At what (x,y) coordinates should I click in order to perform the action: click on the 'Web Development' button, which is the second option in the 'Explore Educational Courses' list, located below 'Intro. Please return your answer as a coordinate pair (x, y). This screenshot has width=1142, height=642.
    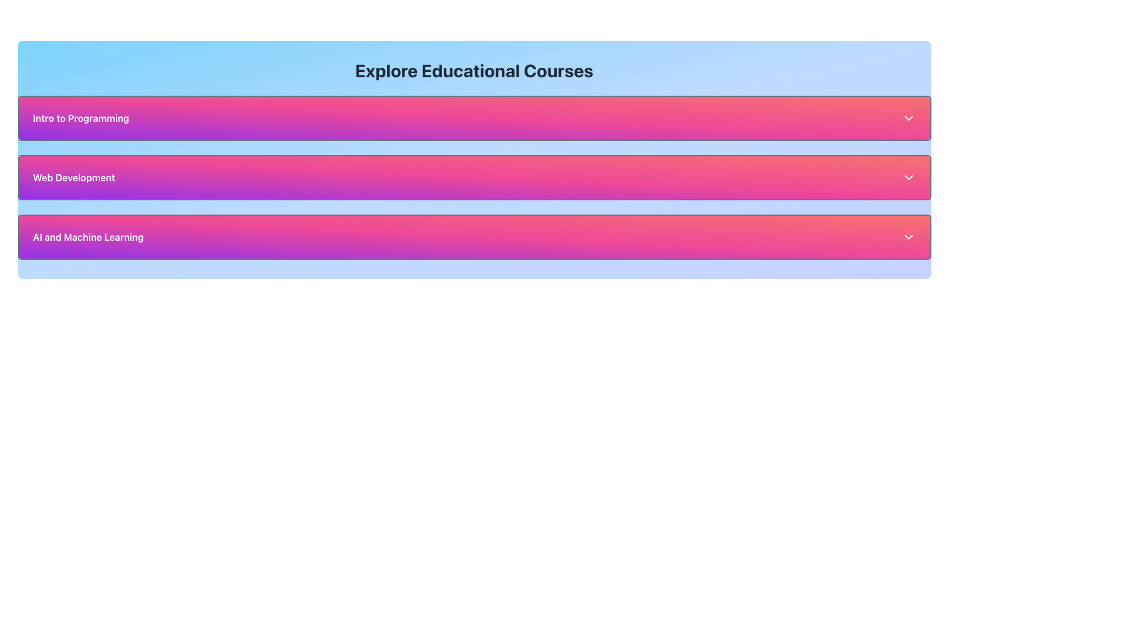
    Looking at the image, I should click on (473, 178).